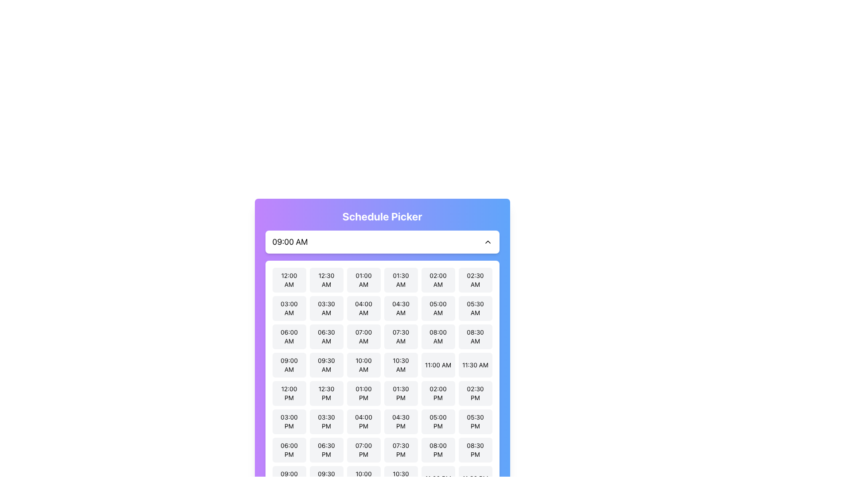 This screenshot has height=478, width=851. I want to click on the rectangular button labeled '03:30 AM' in the schedule grid, so click(326, 308).